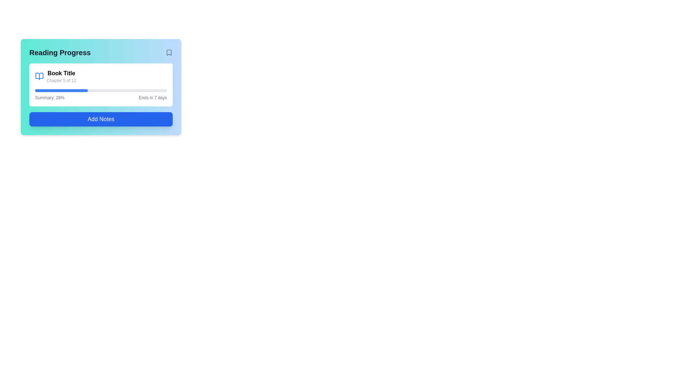 The height and width of the screenshot is (387, 688). I want to click on the progress bar indicating the reading progress for Chapter 5 of 12, which is located below the chapter text and above the summary text, so click(101, 90).